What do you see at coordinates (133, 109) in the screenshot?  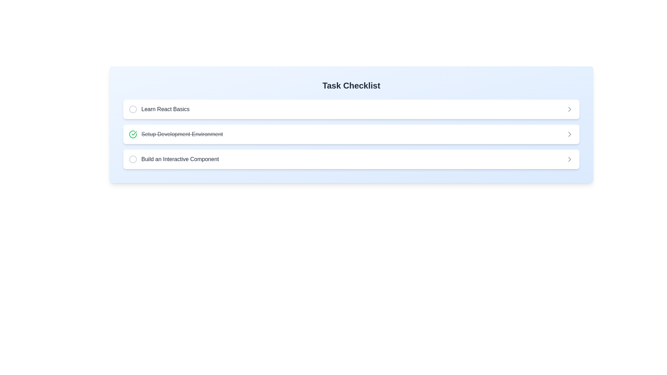 I see `the graphical circle element that indicates the status of the checklist item 'Learn React Basics' in the 'Task Checklist'` at bounding box center [133, 109].